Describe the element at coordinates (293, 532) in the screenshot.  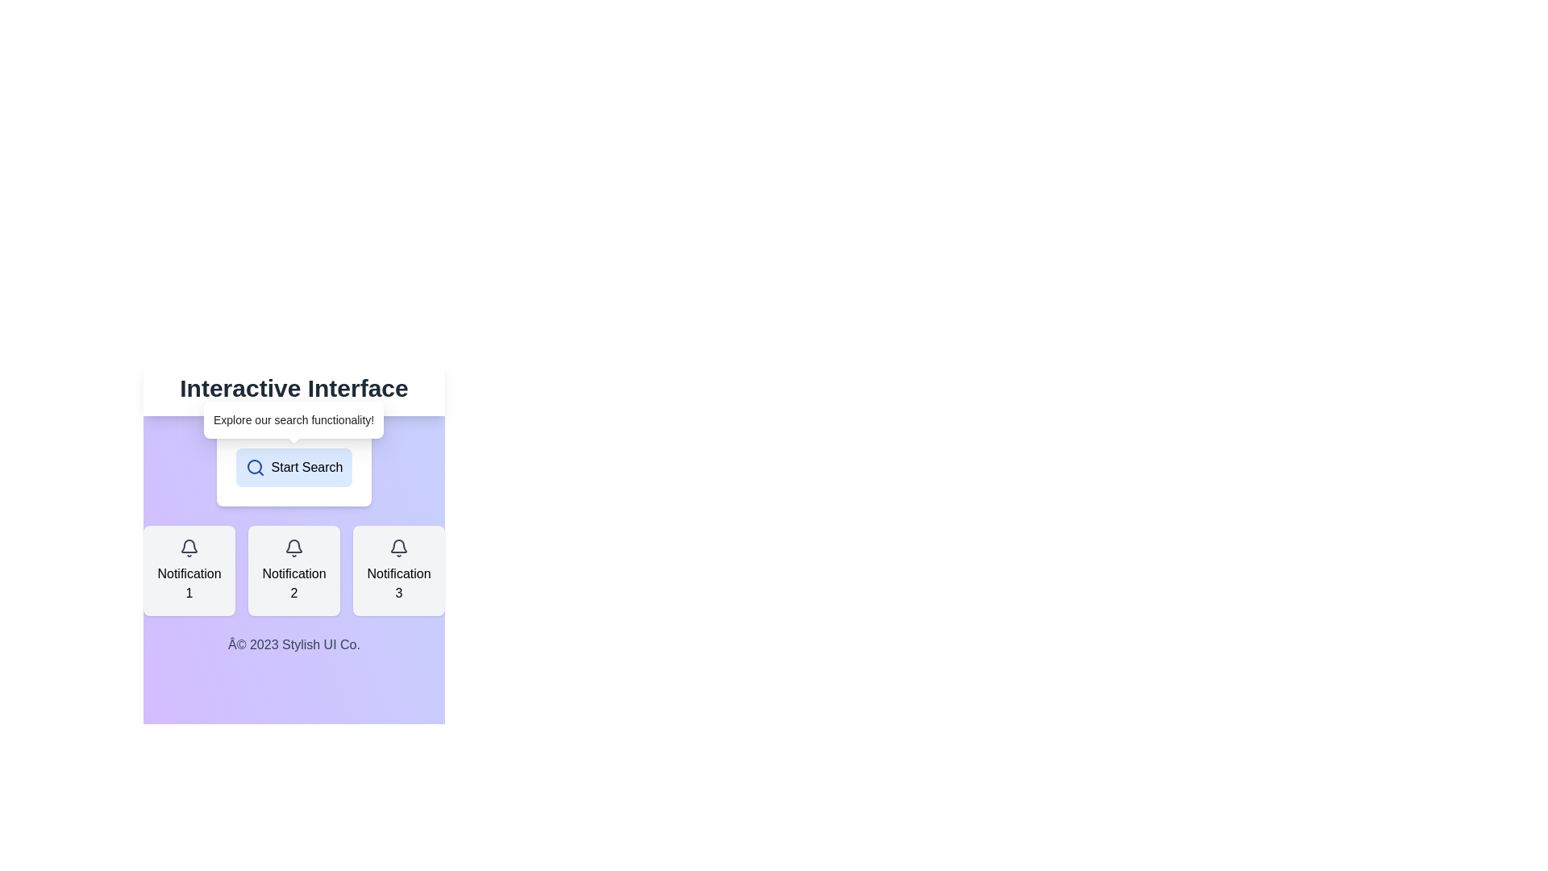
I see `the middle notification tile with the bell icon and the text 'Notification 2'` at that location.